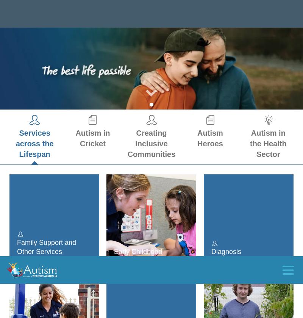 The image size is (303, 318). Describe the element at coordinates (31, 243) in the screenshot. I see `'Connect With Us'` at that location.